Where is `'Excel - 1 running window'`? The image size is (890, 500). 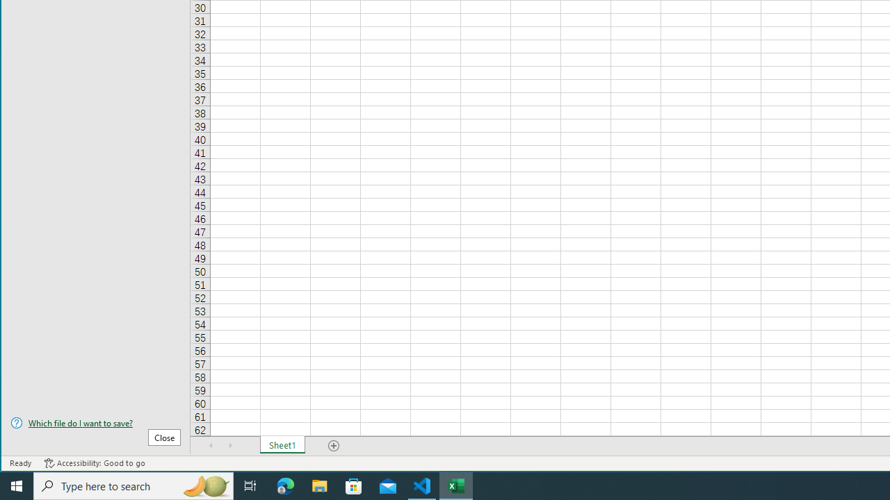 'Excel - 1 running window' is located at coordinates (456, 485).